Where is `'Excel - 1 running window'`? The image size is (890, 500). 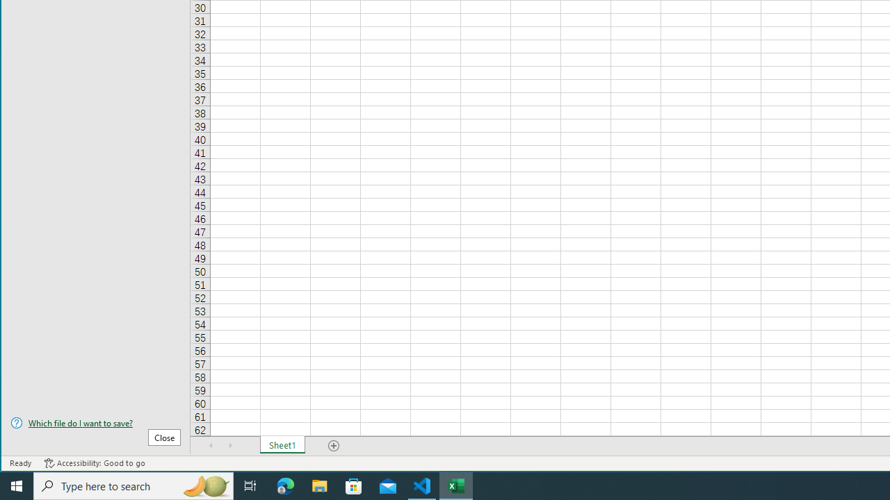 'Excel - 1 running window' is located at coordinates (456, 485).